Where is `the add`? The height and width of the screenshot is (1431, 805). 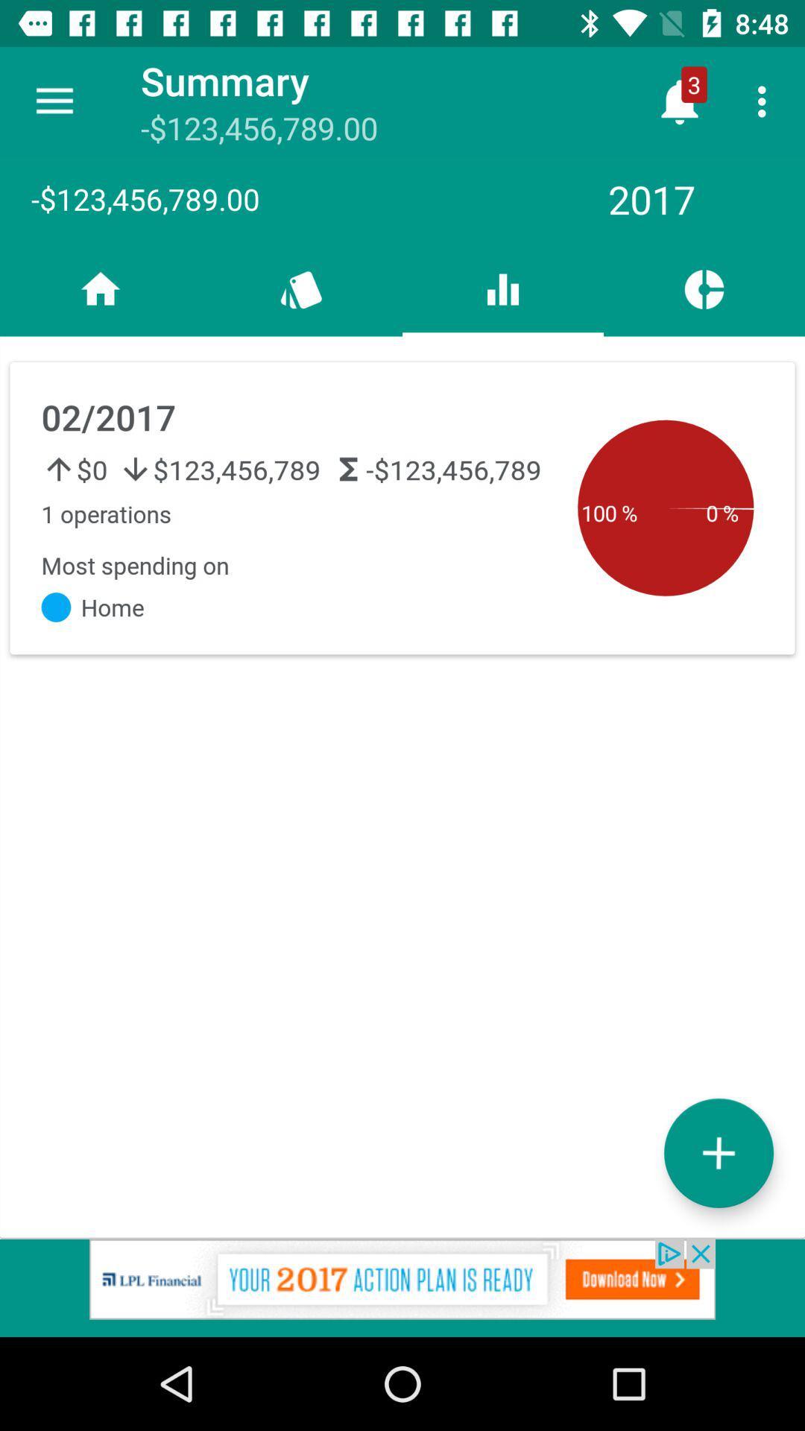 the add is located at coordinates (402, 1287).